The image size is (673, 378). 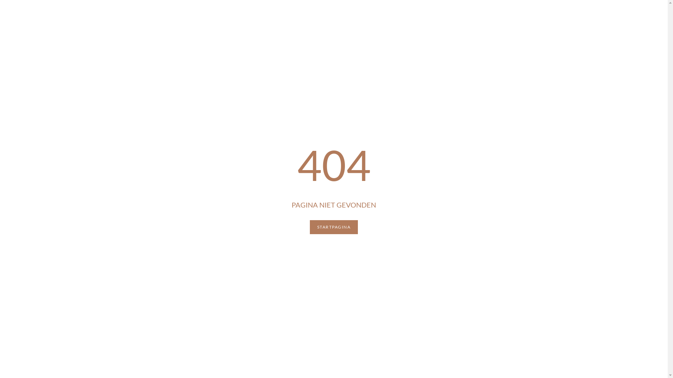 What do you see at coordinates (334, 227) in the screenshot?
I see `'STARTPAGINA'` at bounding box center [334, 227].